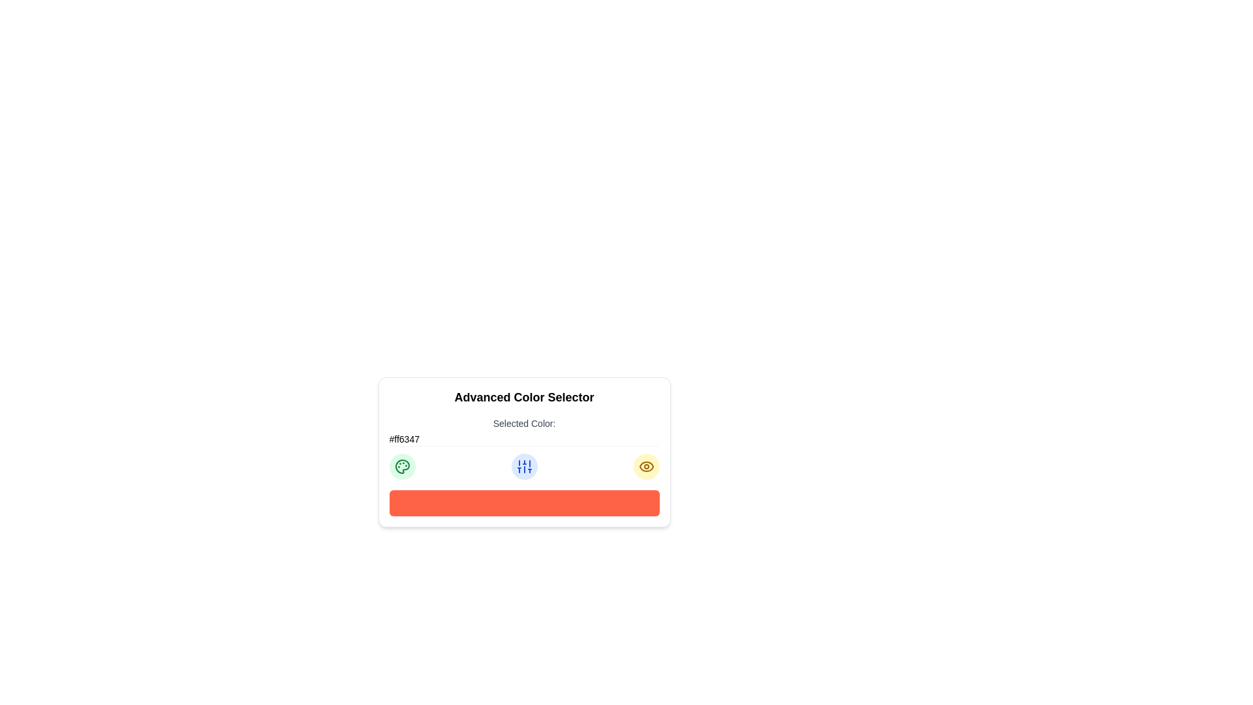 The image size is (1253, 705). What do you see at coordinates (524, 423) in the screenshot?
I see `the label that describes the color selection input field, which is located directly above the associated input field` at bounding box center [524, 423].